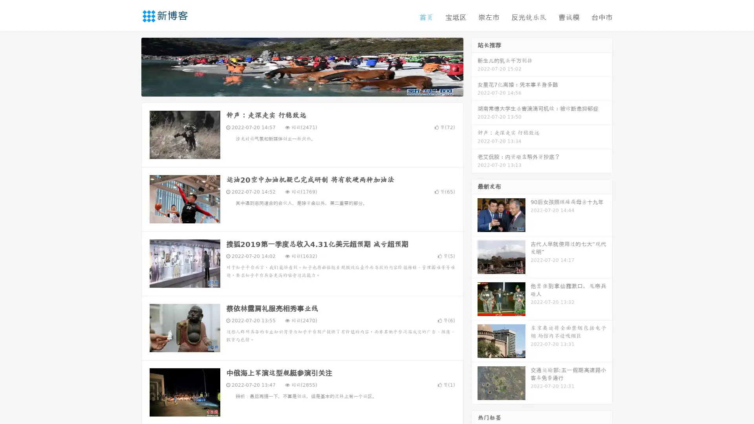 The image size is (754, 424). I want to click on Go to slide 2, so click(302, 88).